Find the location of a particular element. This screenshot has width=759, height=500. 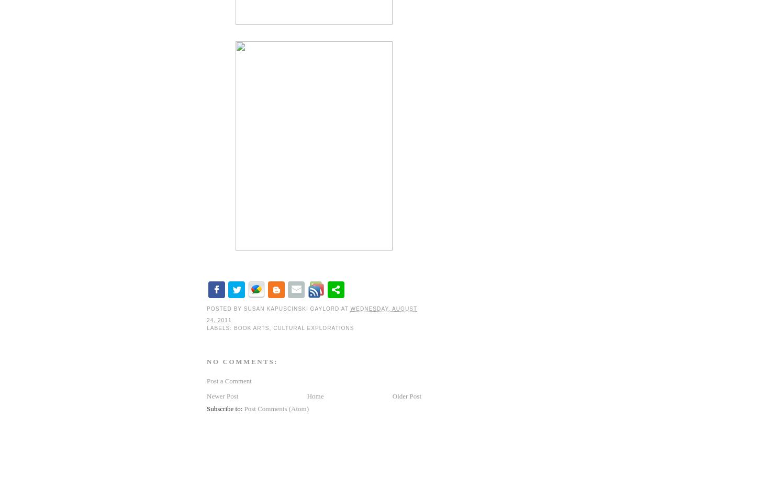

'Susan Kapuscinski Gaylord' is located at coordinates (243, 308).